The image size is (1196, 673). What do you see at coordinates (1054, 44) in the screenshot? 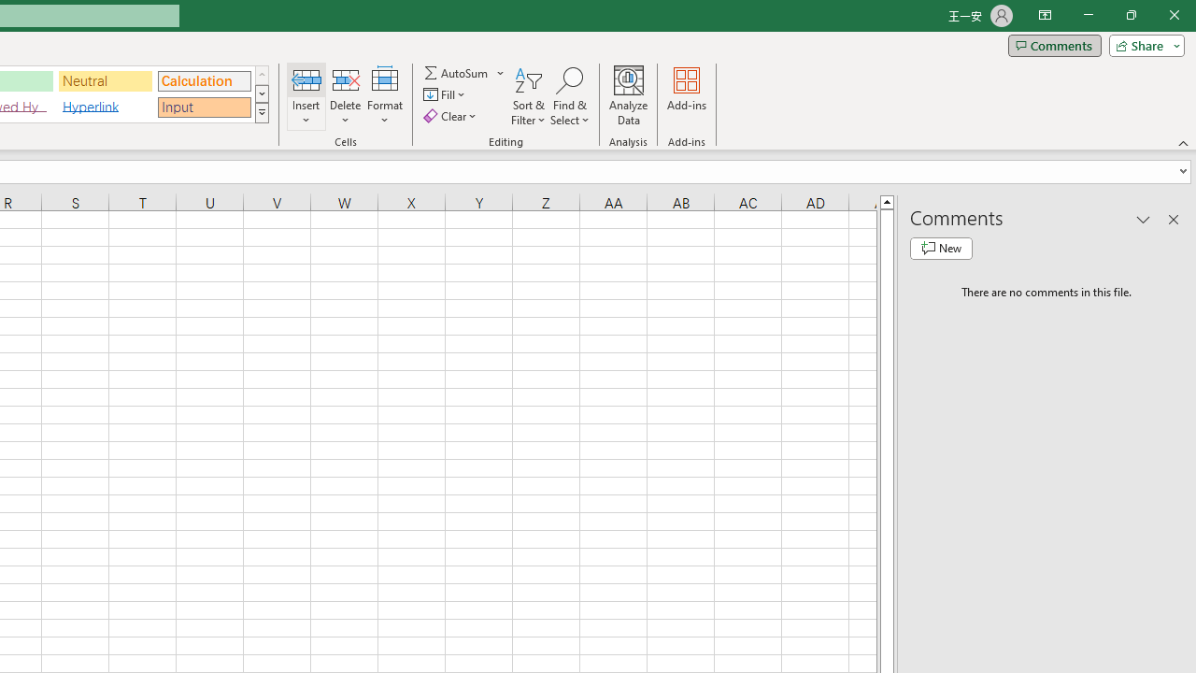
I see `'Comments'` at bounding box center [1054, 44].